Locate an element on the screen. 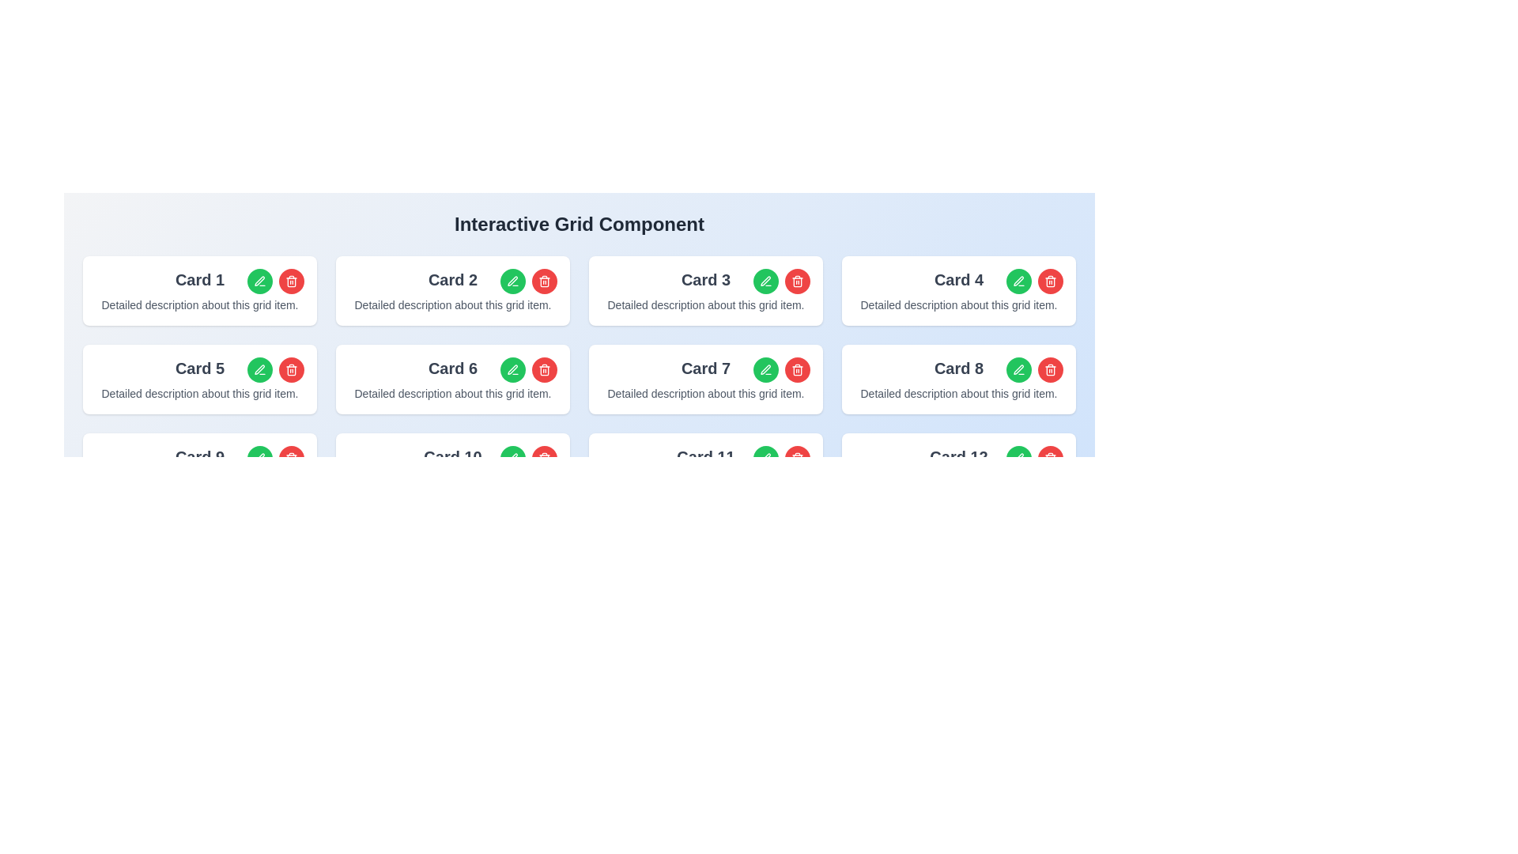 The height and width of the screenshot is (854, 1518). the red circular button with a trash can icon located in the top-right corner of 'Card 10' is located at coordinates (545, 458).